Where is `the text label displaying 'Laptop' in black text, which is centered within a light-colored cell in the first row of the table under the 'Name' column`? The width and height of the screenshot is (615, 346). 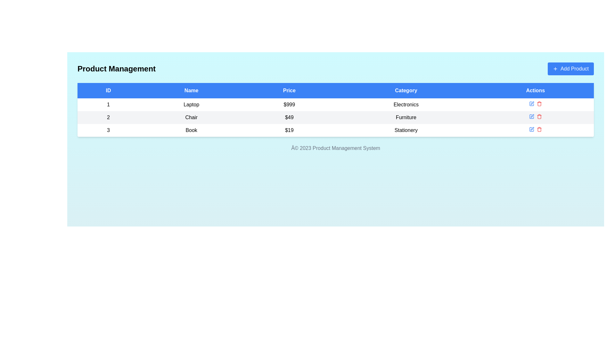 the text label displaying 'Laptop' in black text, which is centered within a light-colored cell in the first row of the table under the 'Name' column is located at coordinates (191, 104).